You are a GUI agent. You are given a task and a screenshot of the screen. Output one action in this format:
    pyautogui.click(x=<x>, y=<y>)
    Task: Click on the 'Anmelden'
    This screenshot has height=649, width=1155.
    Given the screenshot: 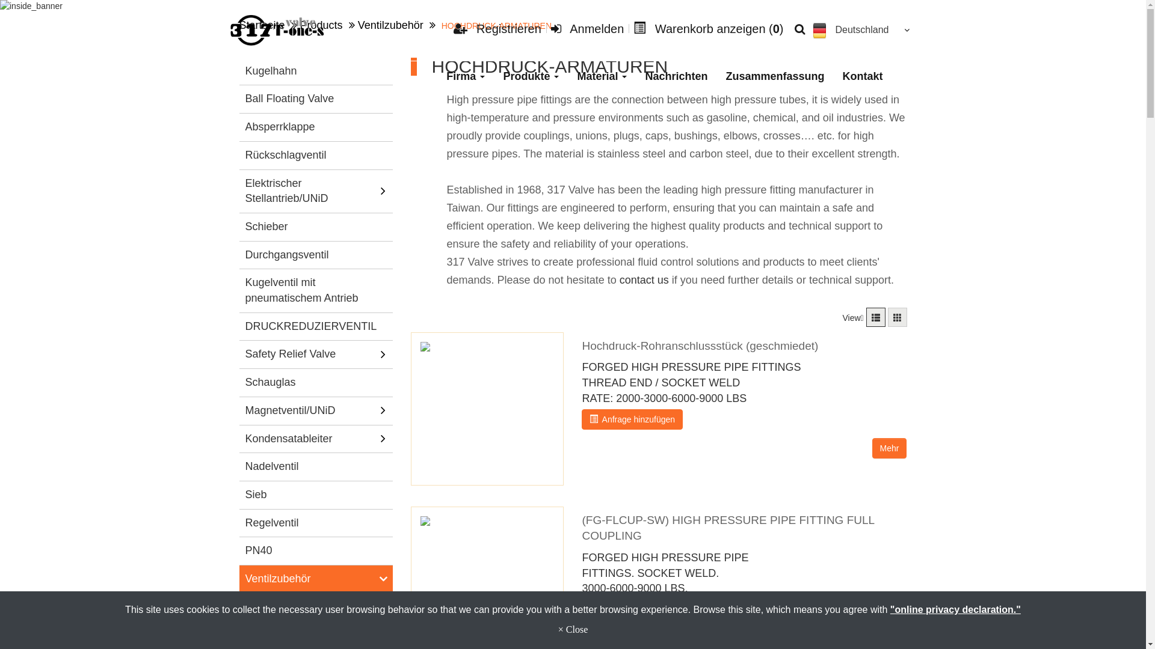 What is the action you would take?
    pyautogui.click(x=587, y=27)
    